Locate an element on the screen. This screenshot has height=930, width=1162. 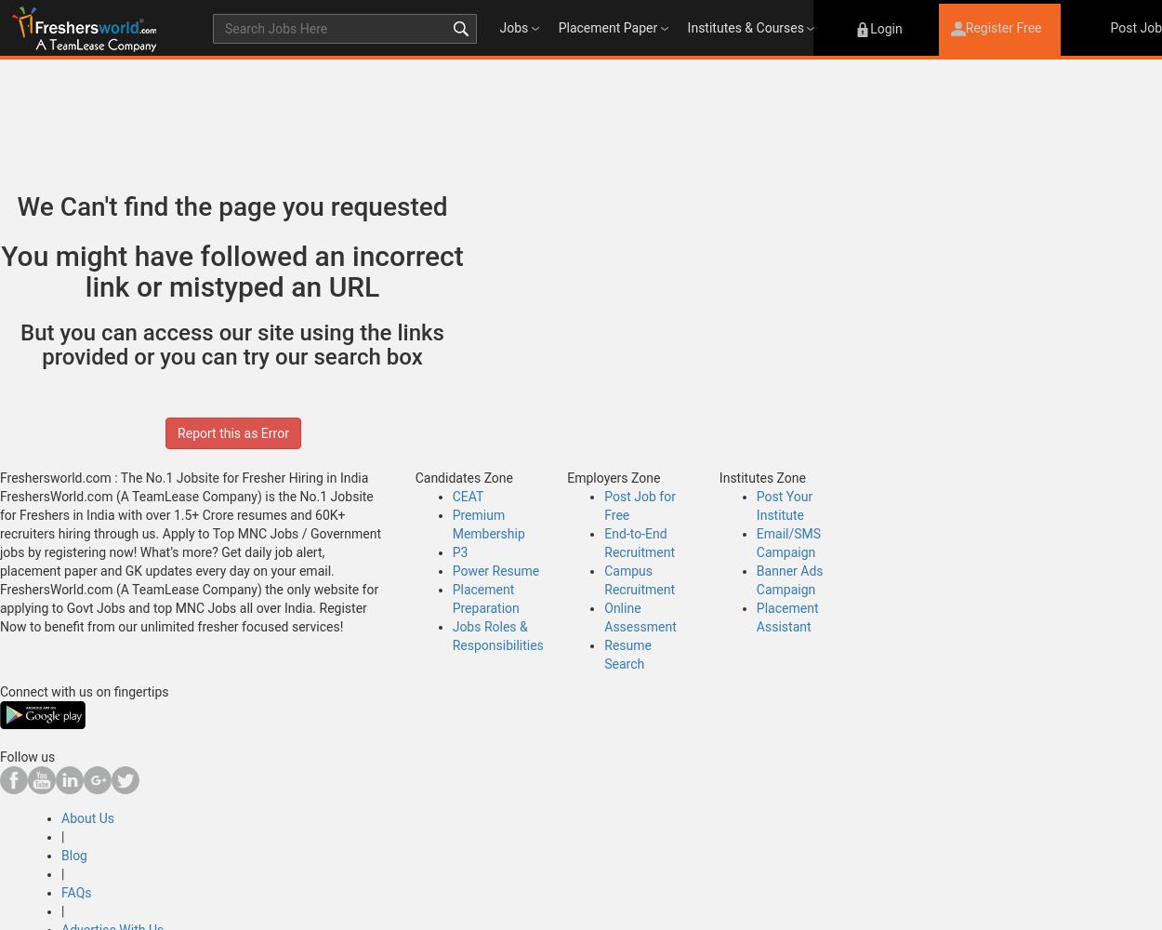
'Jobs' is located at coordinates (513, 28).